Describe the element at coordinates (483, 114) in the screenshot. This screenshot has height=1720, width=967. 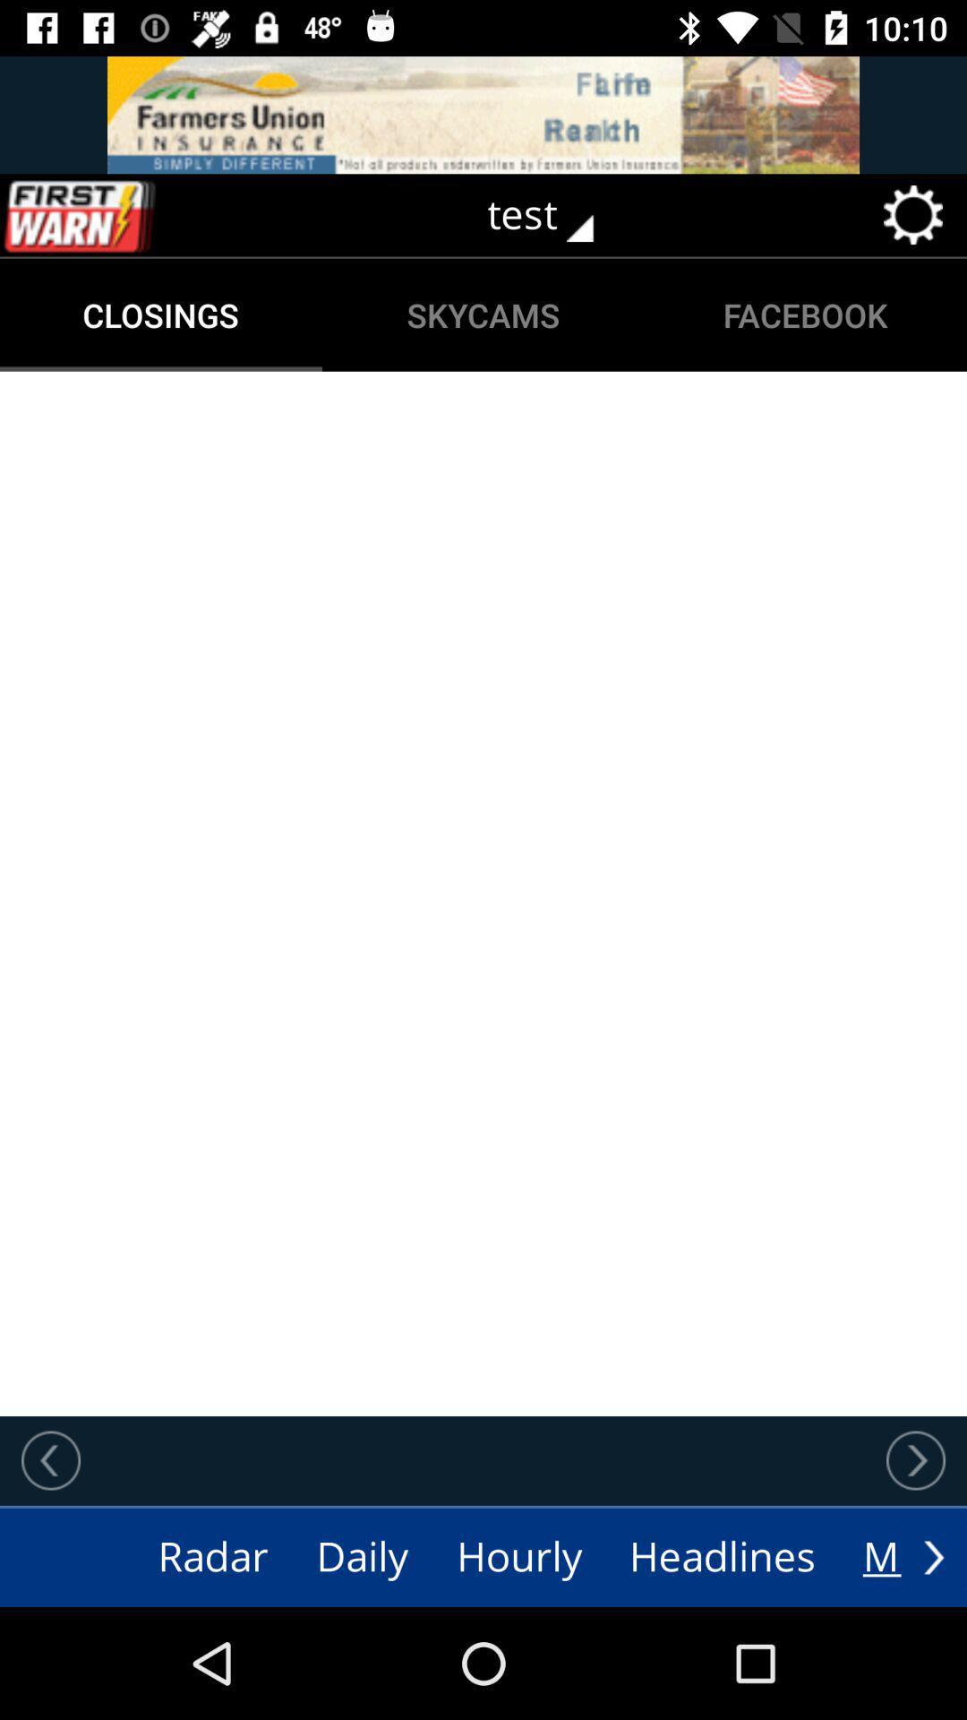
I see `direct to another website` at that location.